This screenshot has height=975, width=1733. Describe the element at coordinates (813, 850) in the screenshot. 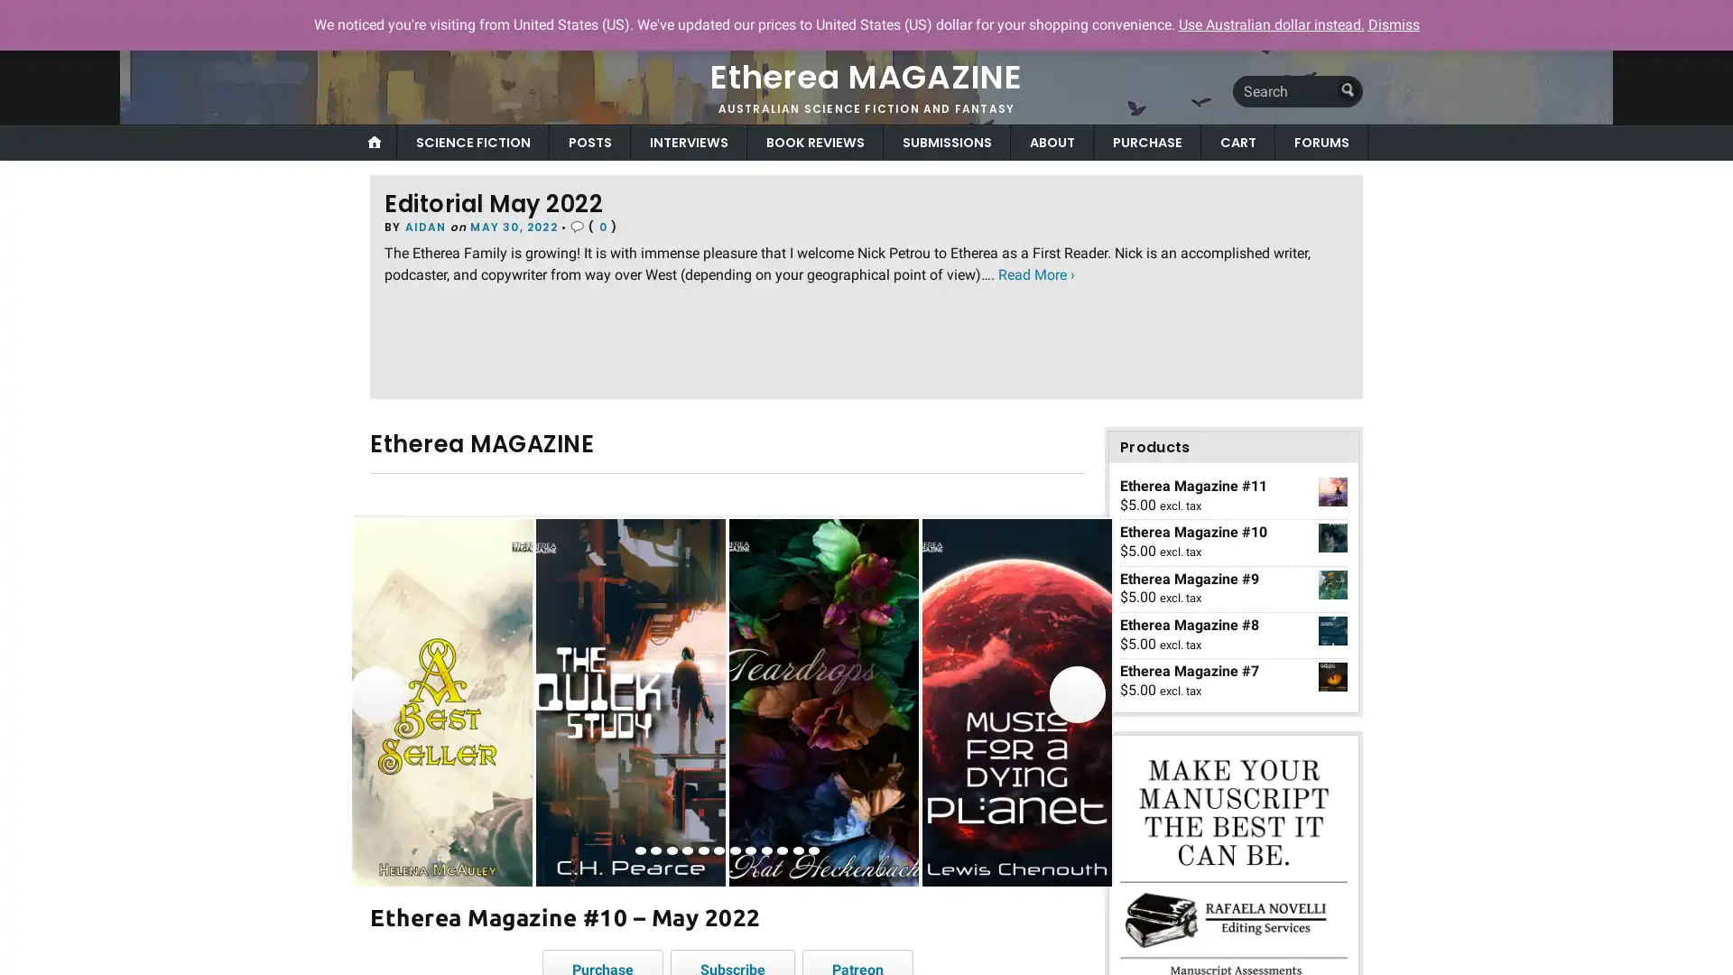

I see `view image 12 of 12 in carousel` at that location.